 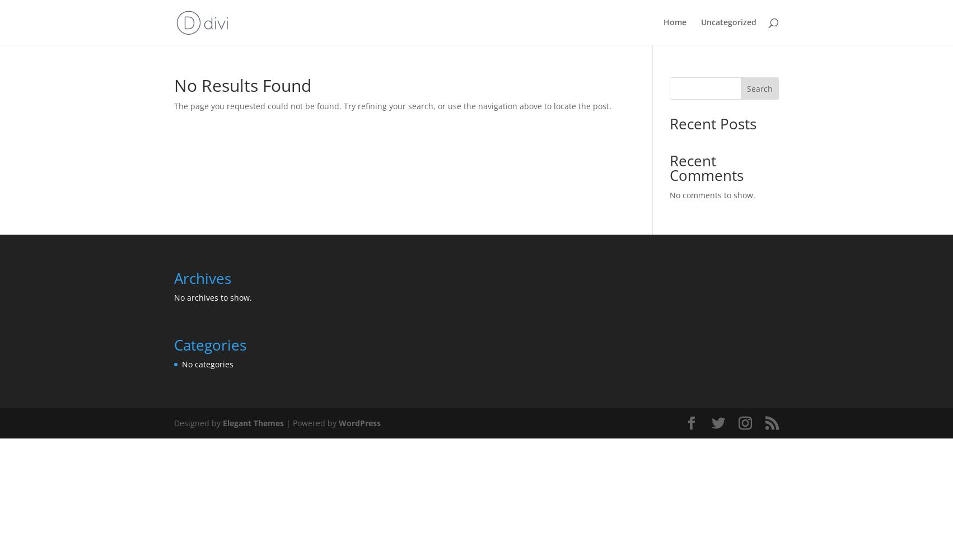 What do you see at coordinates (712, 123) in the screenshot?
I see `'Recent Posts'` at bounding box center [712, 123].